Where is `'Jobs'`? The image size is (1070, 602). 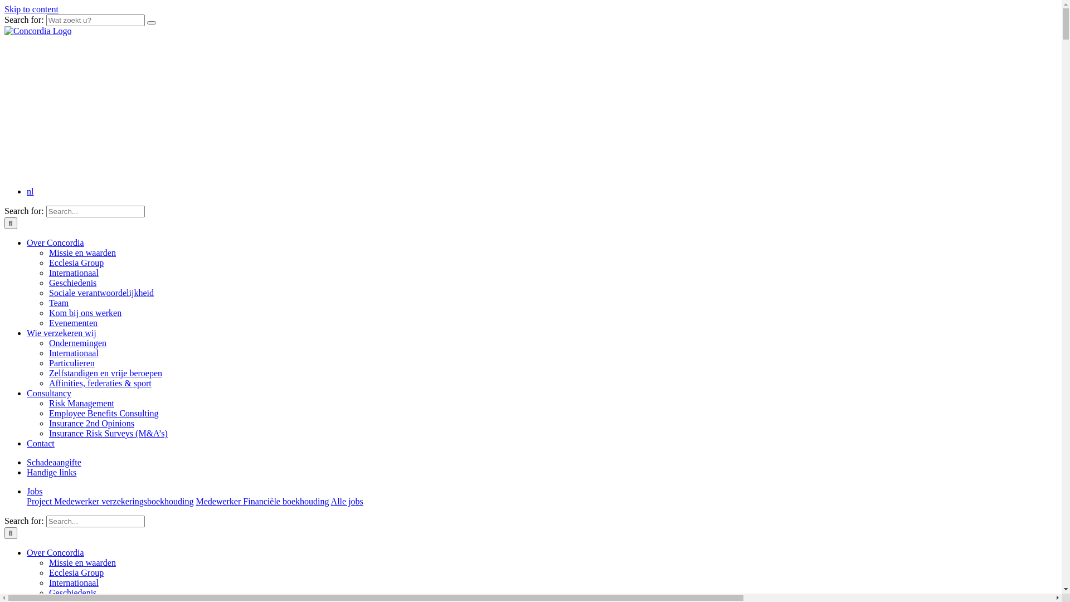
'Jobs' is located at coordinates (35, 491).